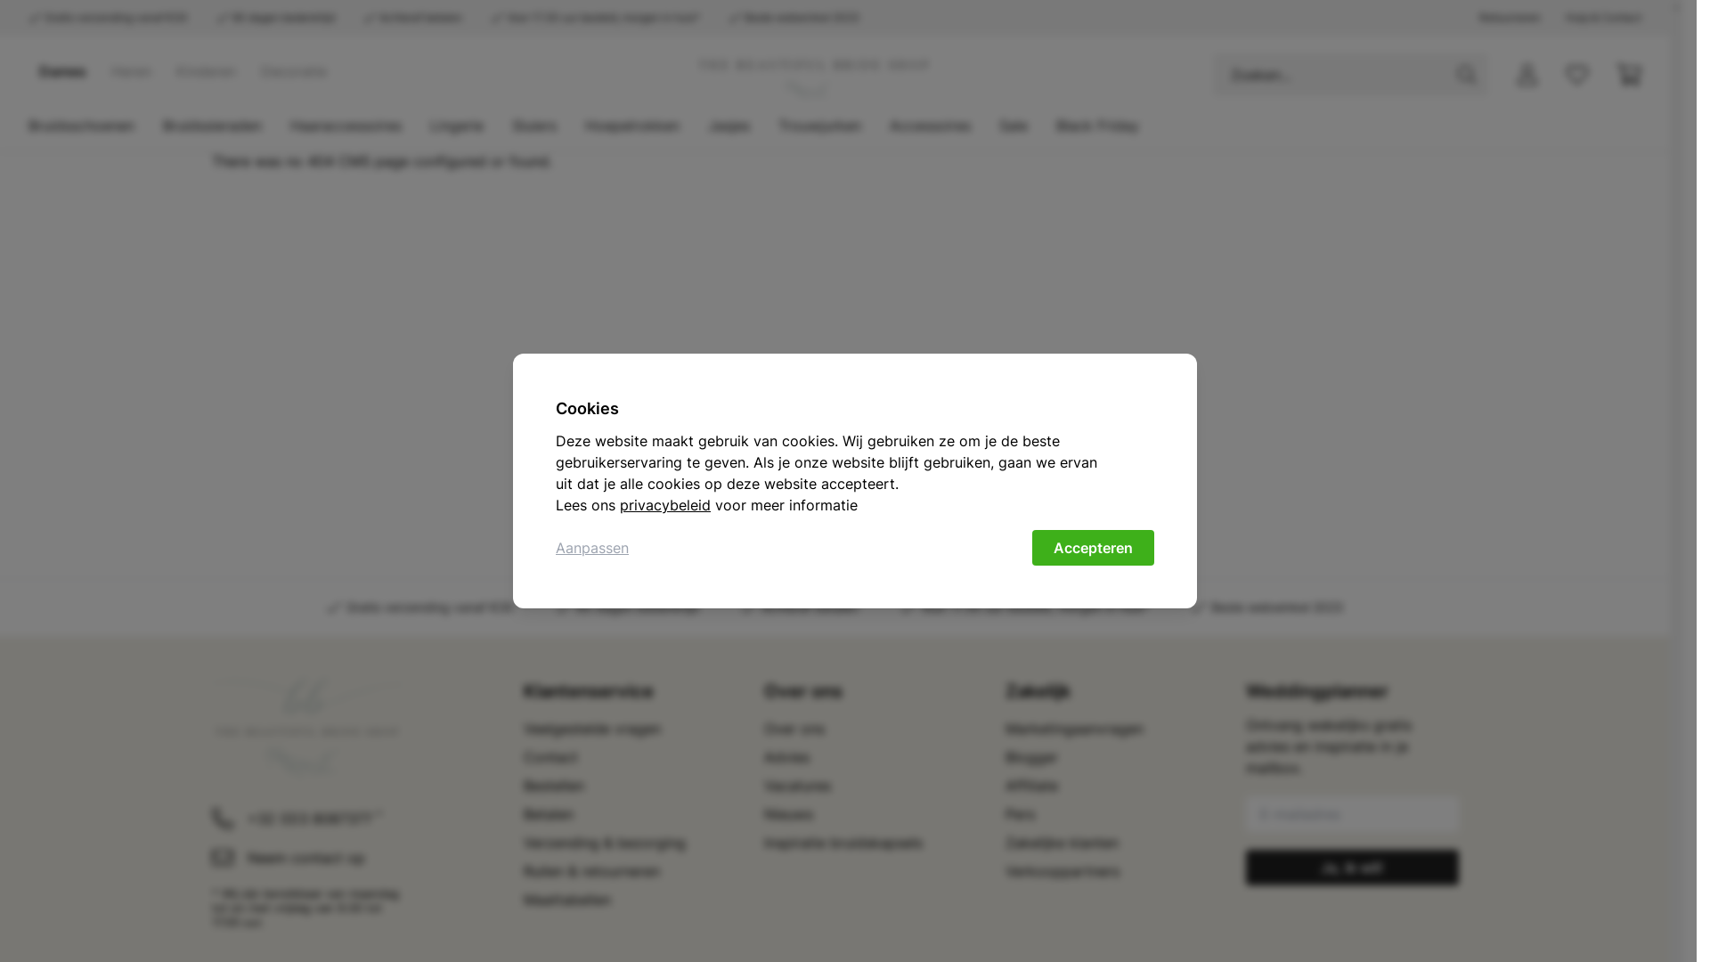  What do you see at coordinates (632, 125) in the screenshot?
I see `'Hoepelrokken'` at bounding box center [632, 125].